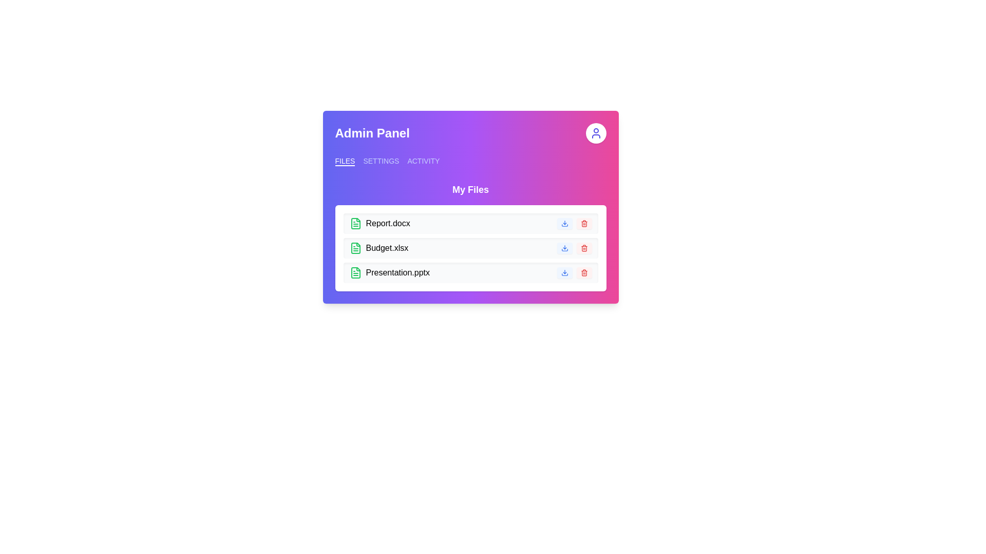  I want to click on the group of action buttons located to the right of the 'Report.docx' item in the file listing interface, so click(574, 223).